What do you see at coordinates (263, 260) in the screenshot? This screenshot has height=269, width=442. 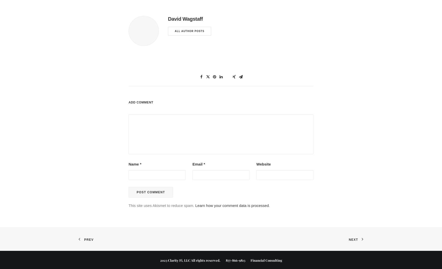 I see `'Financial Consulting'` at bounding box center [263, 260].